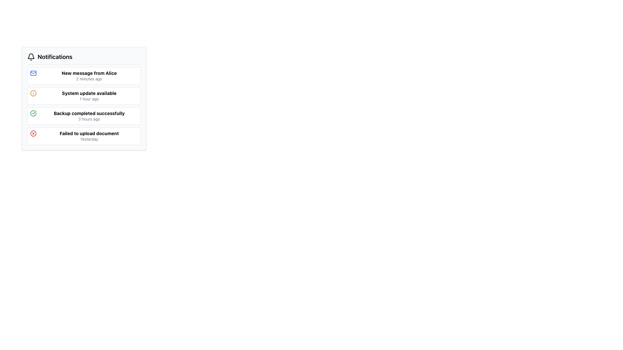  What do you see at coordinates (33, 73) in the screenshot?
I see `the blue envelope icon located next to the 'New message from Alice' text in the notification list` at bounding box center [33, 73].